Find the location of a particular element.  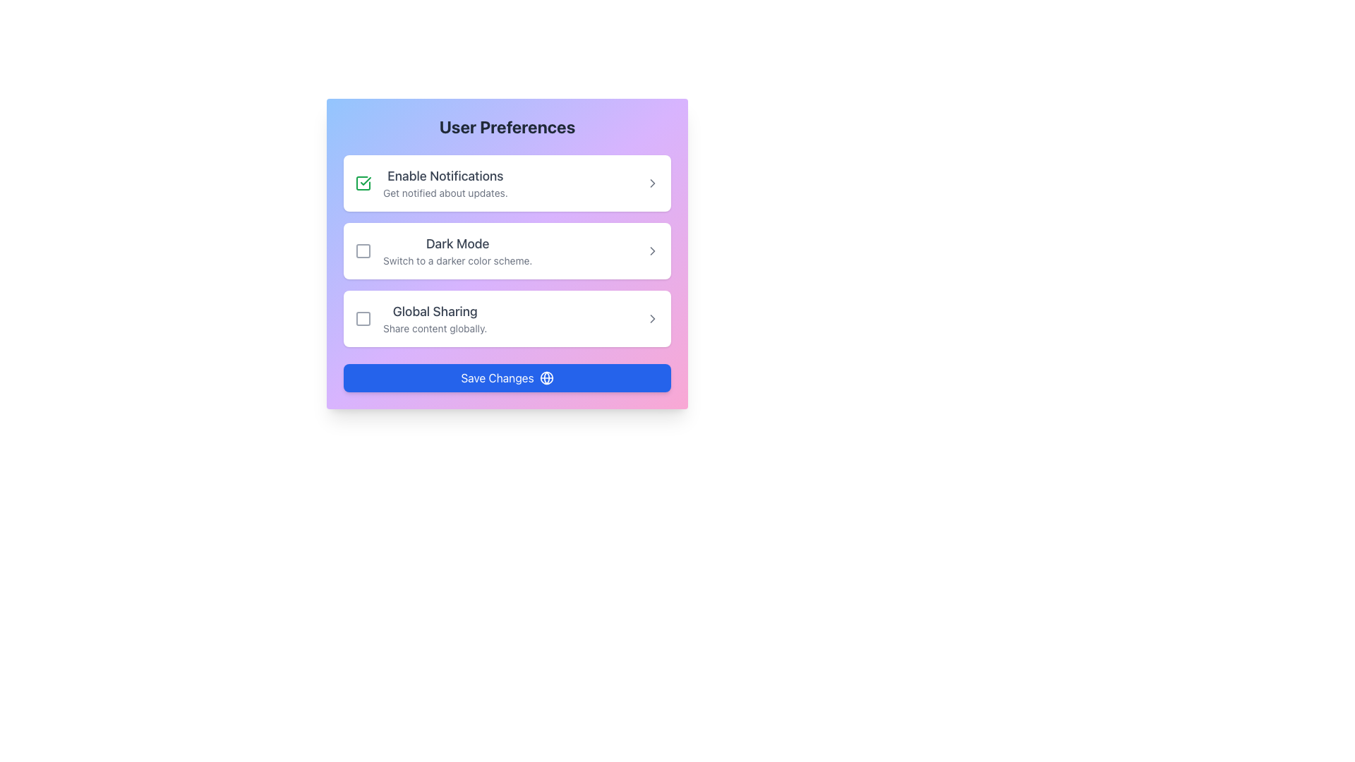

the Text Label that indicates the title for enabling or disabling the dark mode feature in the User Preferences panel, positioned above the related description text is located at coordinates (457, 243).